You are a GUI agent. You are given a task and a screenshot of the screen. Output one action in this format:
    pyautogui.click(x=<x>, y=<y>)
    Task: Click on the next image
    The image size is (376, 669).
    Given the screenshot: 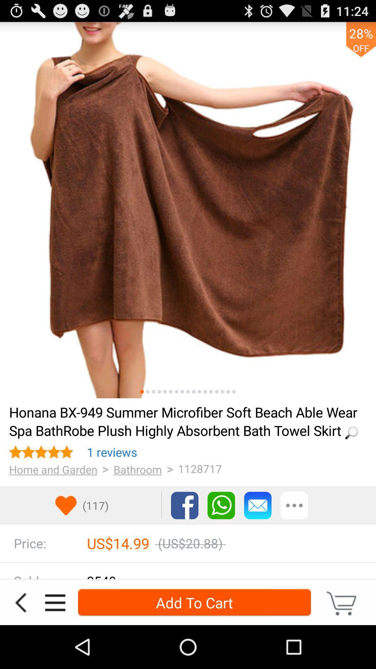 What is the action you would take?
    pyautogui.click(x=222, y=392)
    